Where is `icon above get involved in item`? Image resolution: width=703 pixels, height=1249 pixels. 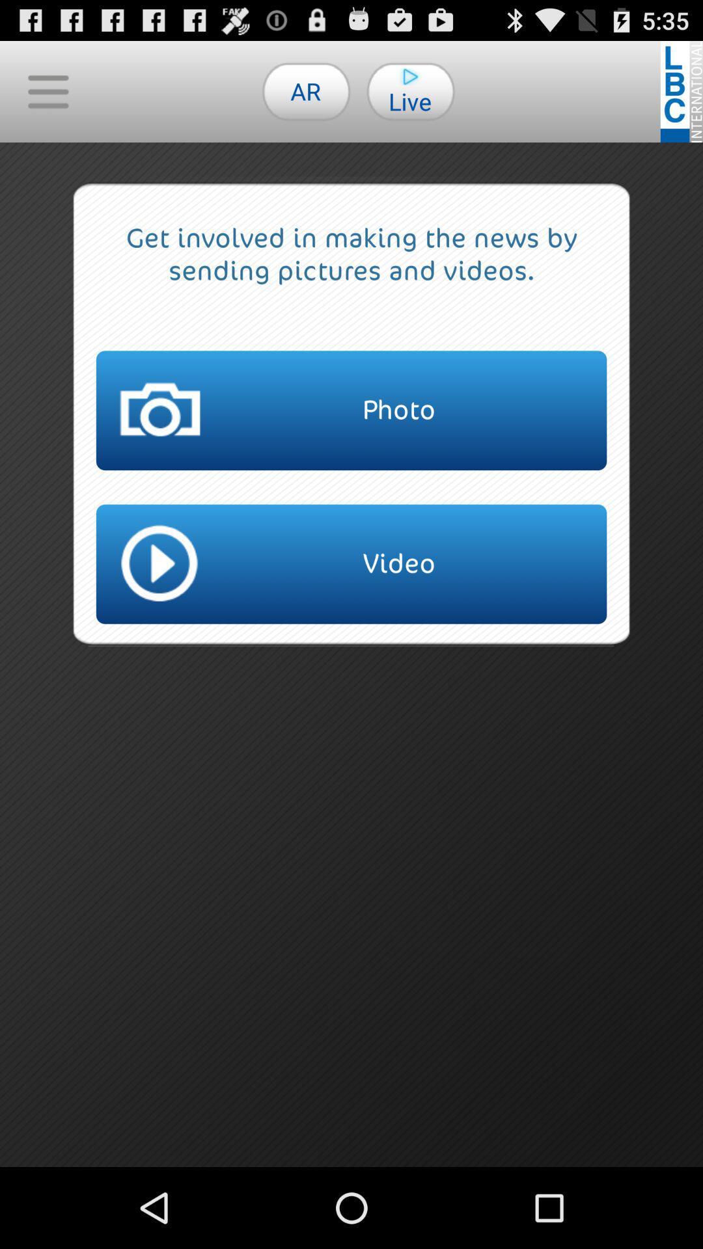 icon above get involved in item is located at coordinates (306, 90).